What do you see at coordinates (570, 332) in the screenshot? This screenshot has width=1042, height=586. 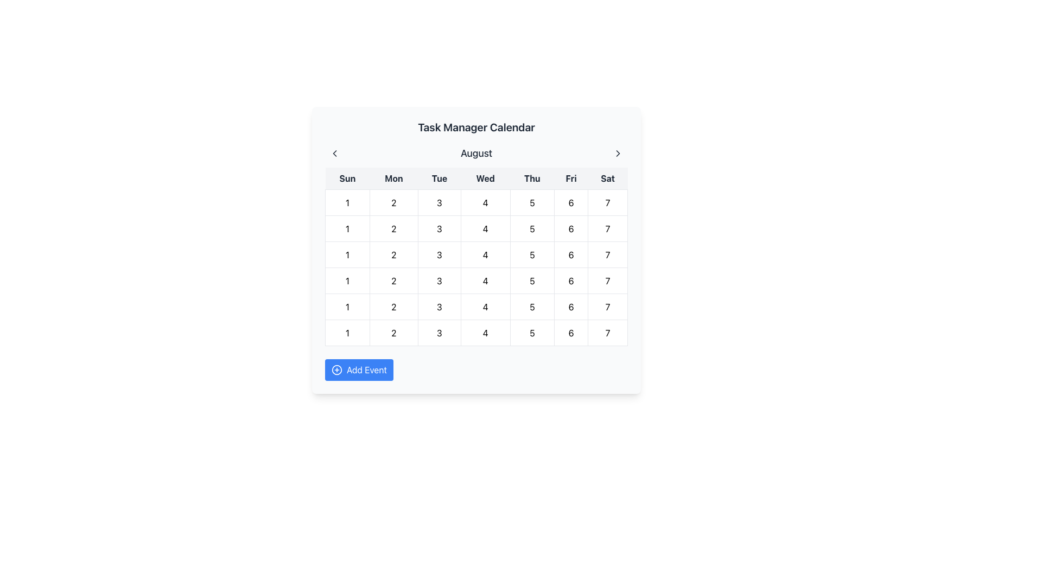 I see `the date indicator text located in the fifth row and sixth column of the calendar layout to access surrounding elements` at bounding box center [570, 332].